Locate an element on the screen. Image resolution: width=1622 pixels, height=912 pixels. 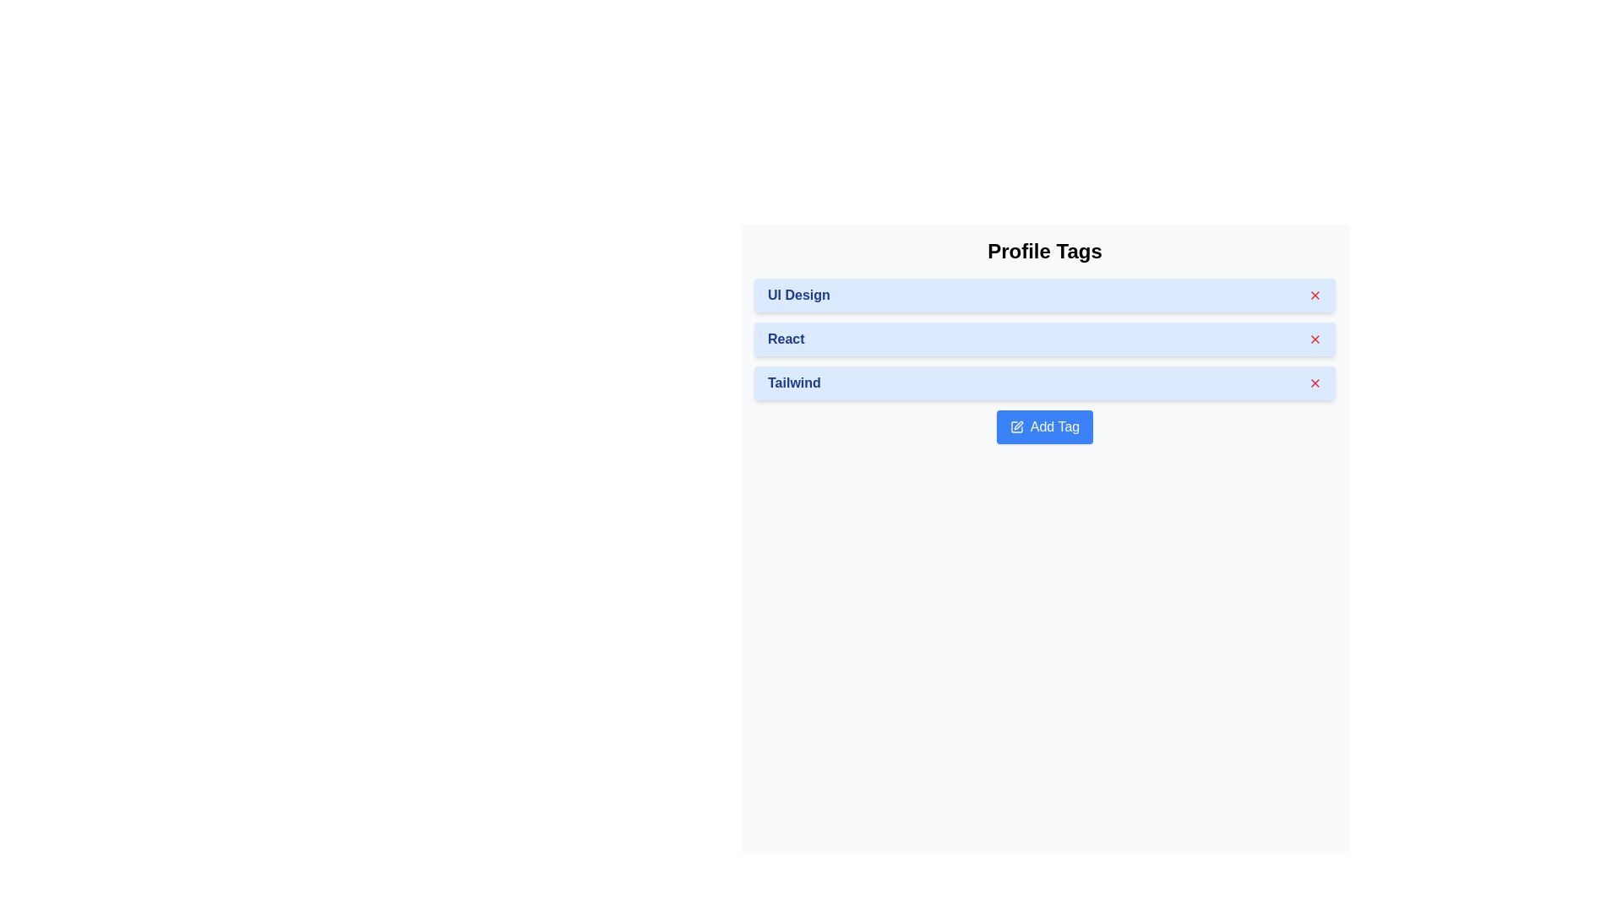
the small red 'X' icon in the top-right corner of the 'React' tag within the 'Profile Tags' section is located at coordinates (1314, 339).